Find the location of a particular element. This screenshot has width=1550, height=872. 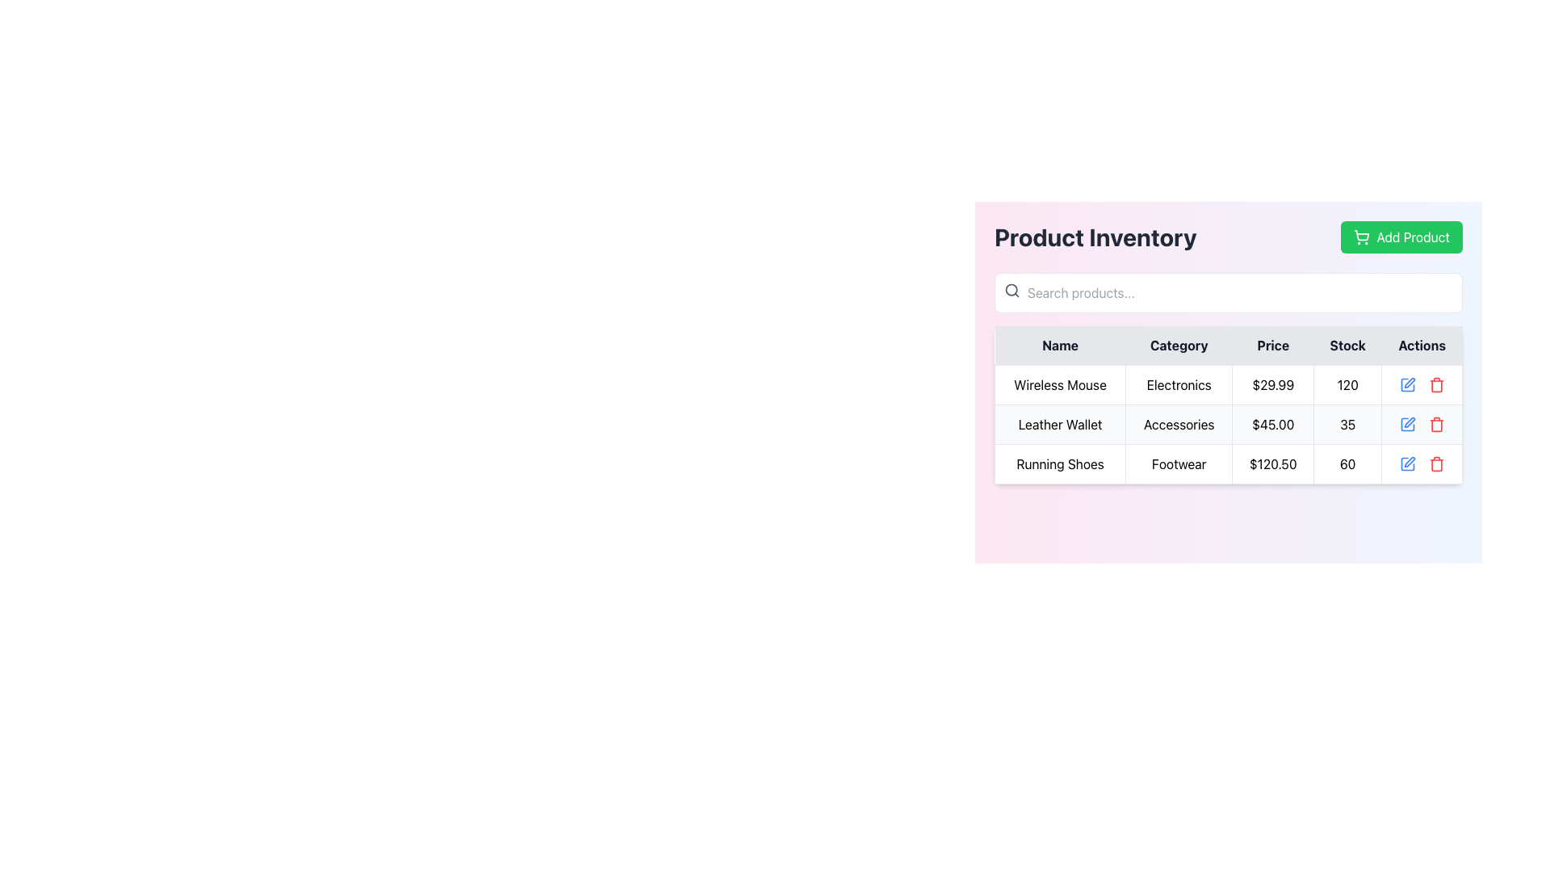

the 'Accessories' category label in the second row of the table under the 'Category' column is located at coordinates (1179, 423).